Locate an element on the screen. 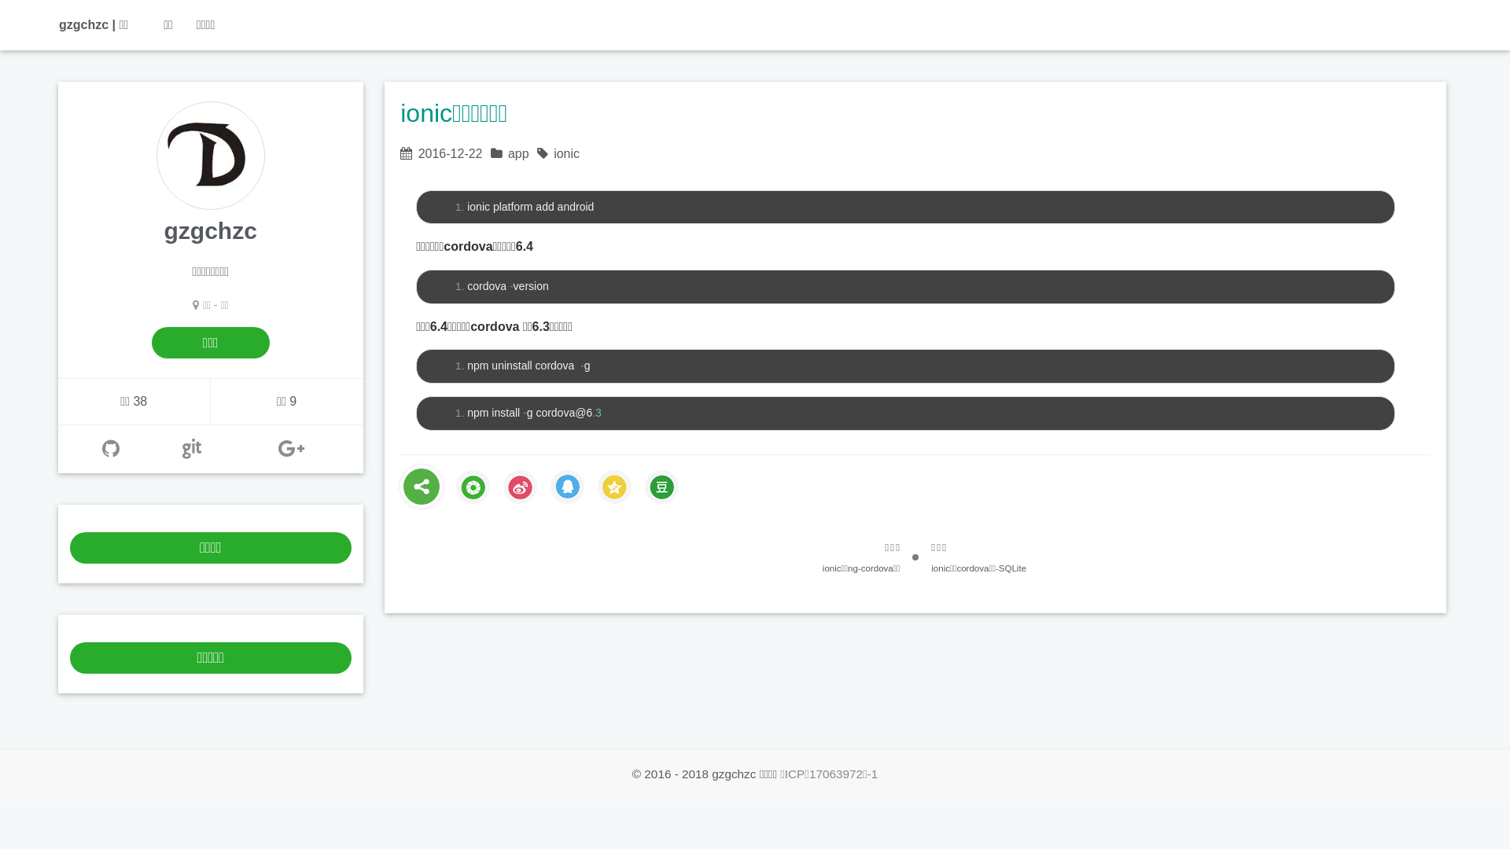  'tQQ' is located at coordinates (566, 486).